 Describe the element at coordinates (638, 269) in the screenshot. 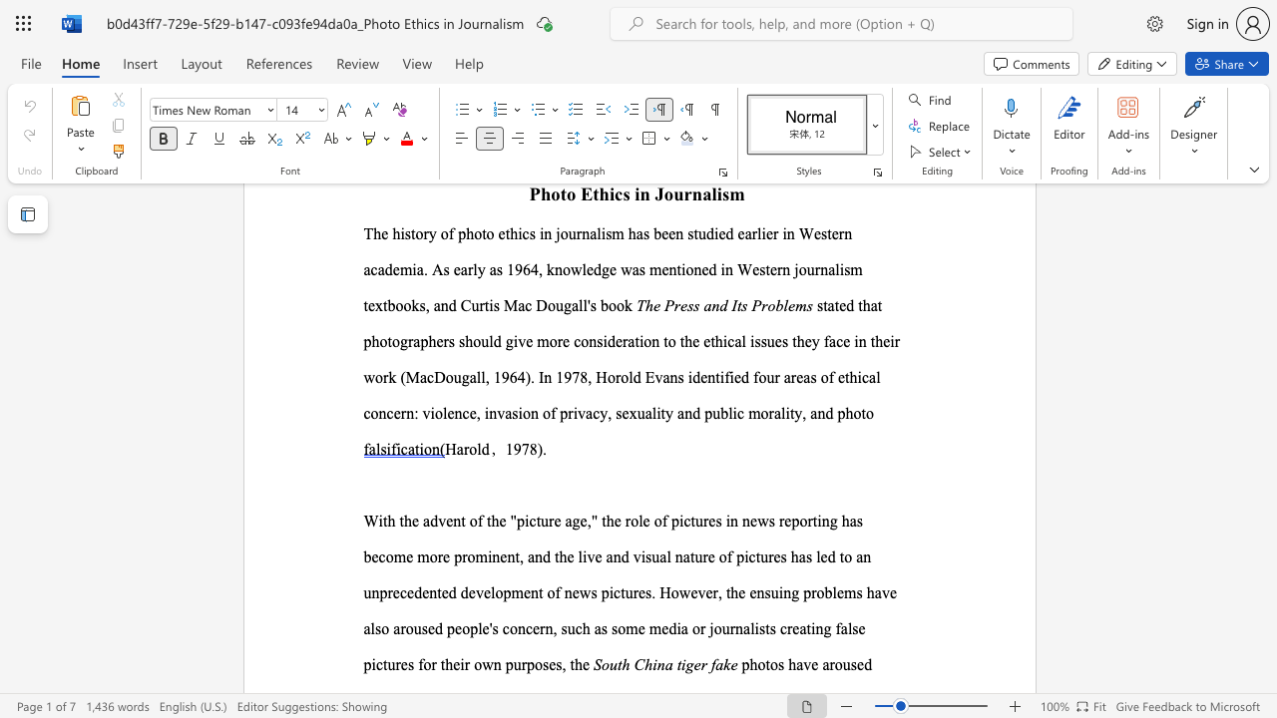

I see `the subset text "s mentioned in Western journalism textbooks, and Curtis Mac Dougall" within the text "The history of photo ethics in journalism has been studied earlier in Western academia. As early as 1964, knowledge was mentioned in Western journalism textbooks, and Curtis Mac Dougall"` at that location.